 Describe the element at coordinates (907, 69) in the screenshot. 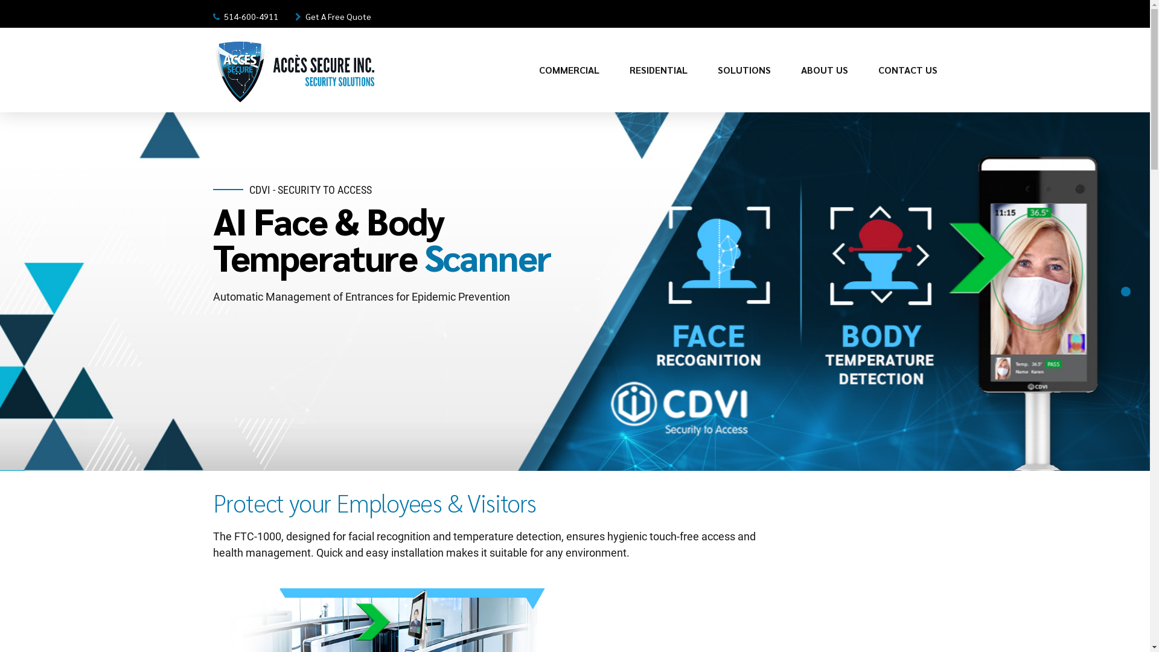

I see `'CONTACT US'` at that location.